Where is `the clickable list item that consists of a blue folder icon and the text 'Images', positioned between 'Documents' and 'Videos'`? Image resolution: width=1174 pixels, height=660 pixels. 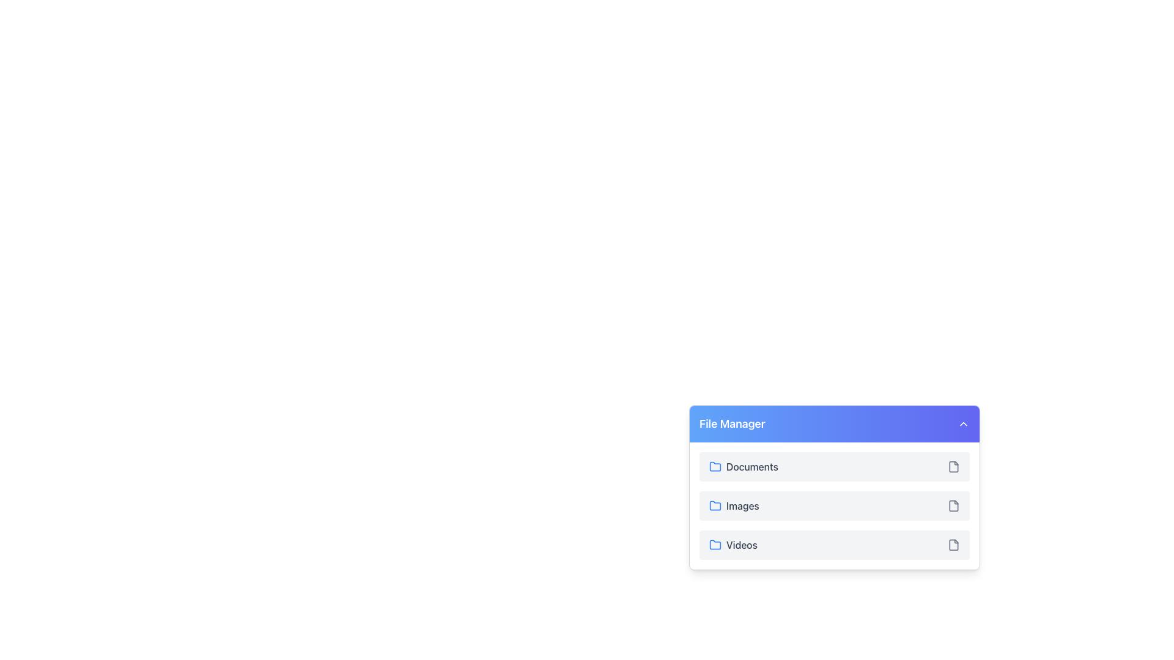 the clickable list item that consists of a blue folder icon and the text 'Images', positioned between 'Documents' and 'Videos' is located at coordinates (734, 506).